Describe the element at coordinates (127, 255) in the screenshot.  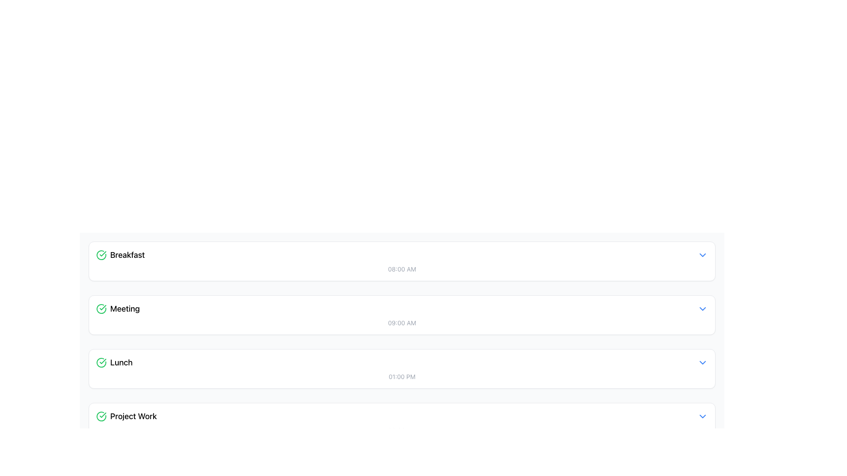
I see `the Text Label that reads 'Breakfast', positioned next to a green checkmark icon within a horizontal flexbox layout` at that location.